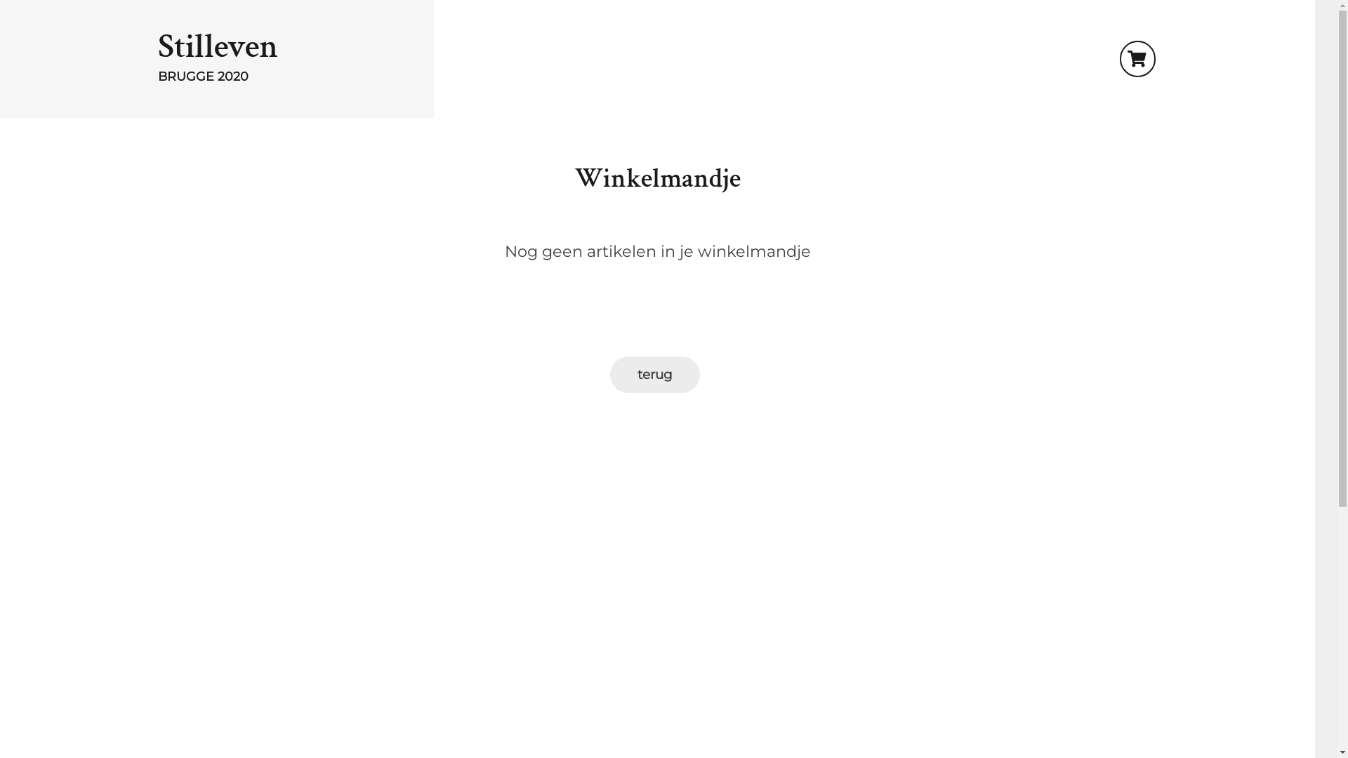  Describe the element at coordinates (653, 373) in the screenshot. I see `'terug'` at that location.